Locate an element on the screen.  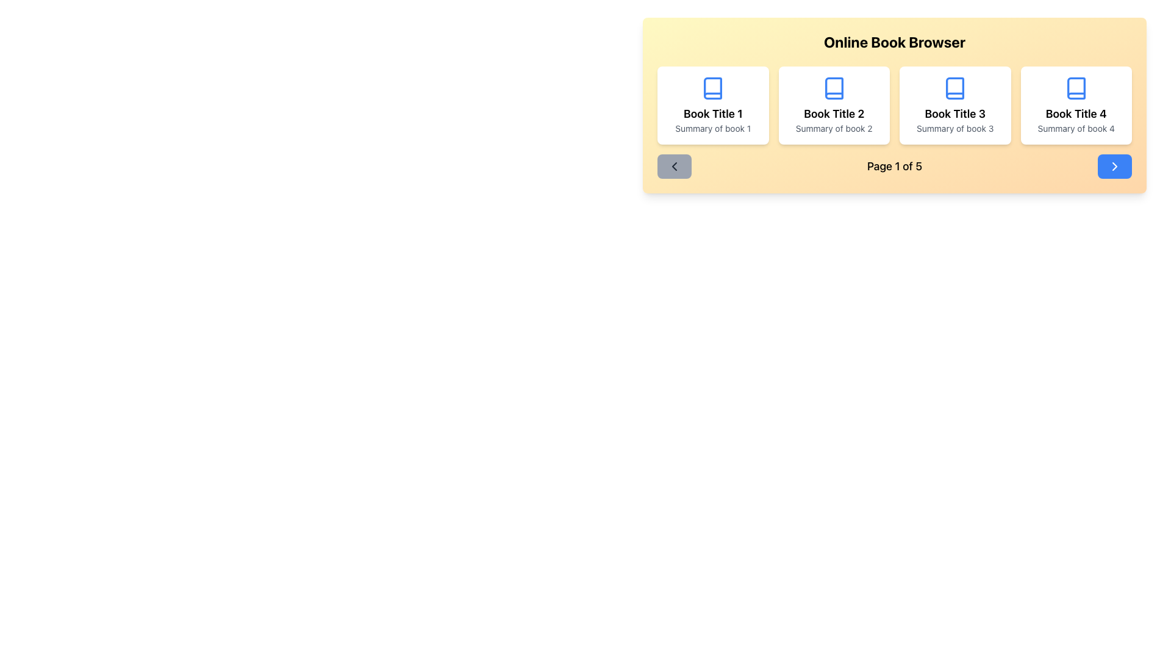
text label 'Summary of book 2' located under the title 'Book Title 2' in the second slot of the book browser interface is located at coordinates (833, 129).